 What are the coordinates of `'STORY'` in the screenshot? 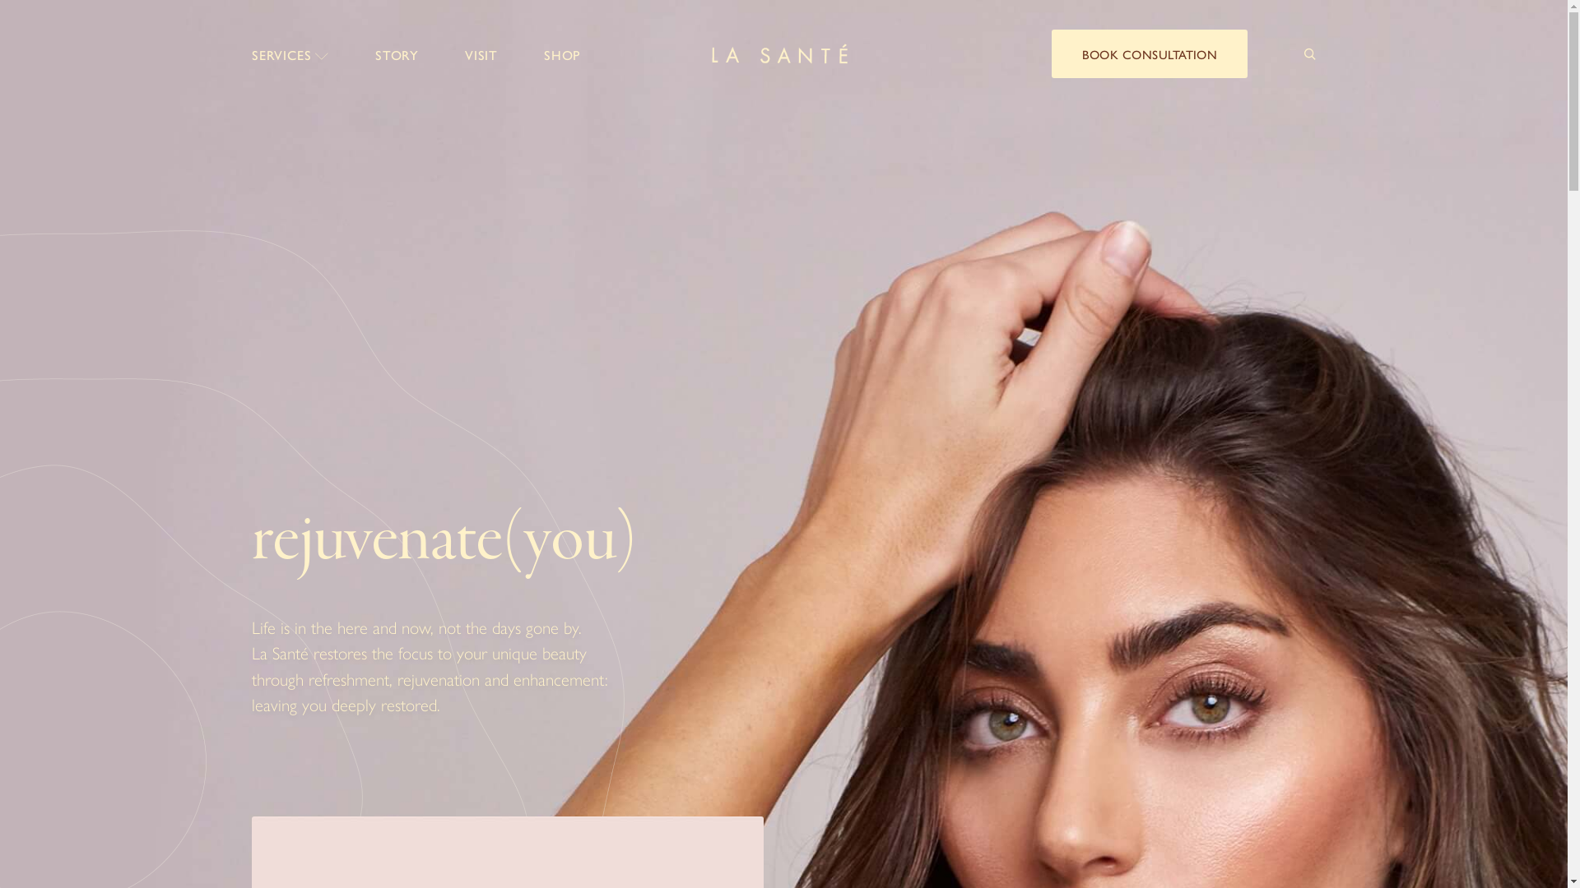 It's located at (397, 53).